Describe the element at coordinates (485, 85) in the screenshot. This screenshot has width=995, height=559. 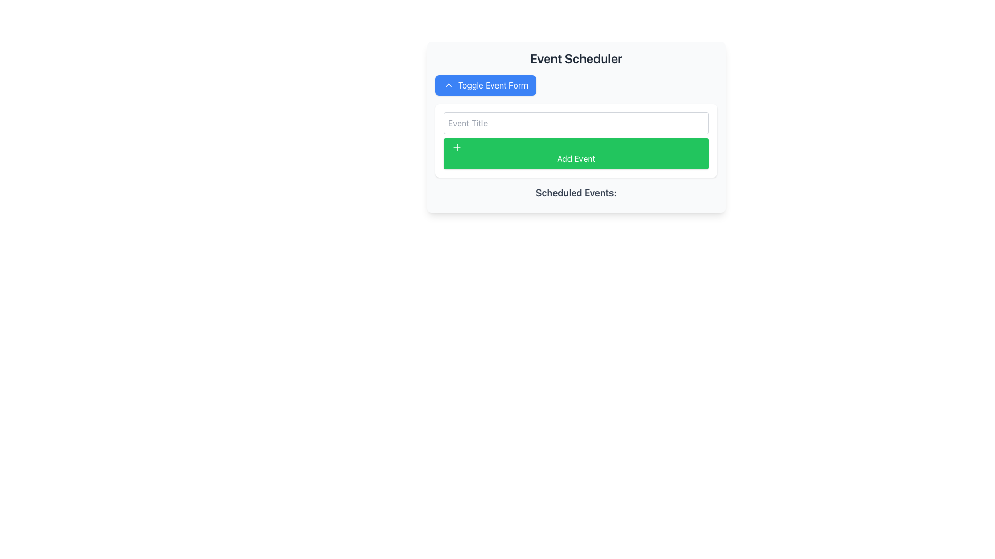
I see `the rectangular blue button with rounded corners labeled 'Toggle Event Form'` at that location.